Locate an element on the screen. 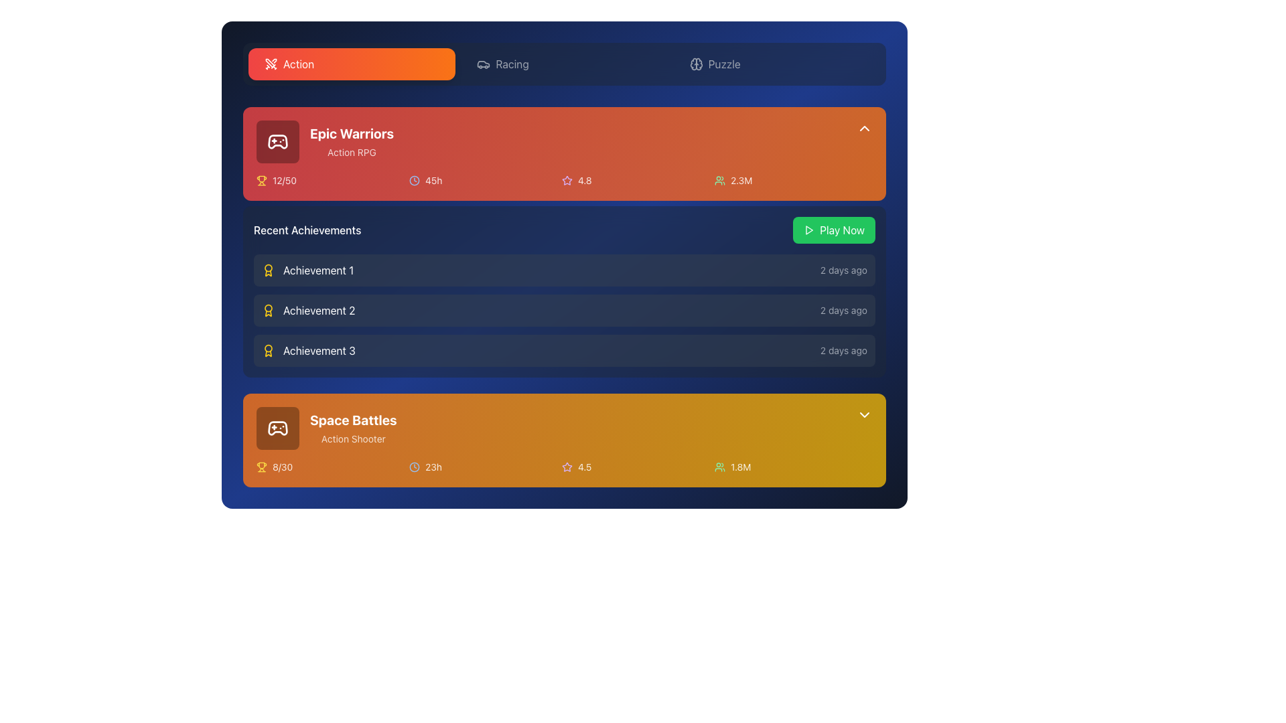 The image size is (1286, 723). the yellow trophy icon located to the left of the text '8/30' within the orange background panel of the 'Space Battles' interface is located at coordinates (261, 467).